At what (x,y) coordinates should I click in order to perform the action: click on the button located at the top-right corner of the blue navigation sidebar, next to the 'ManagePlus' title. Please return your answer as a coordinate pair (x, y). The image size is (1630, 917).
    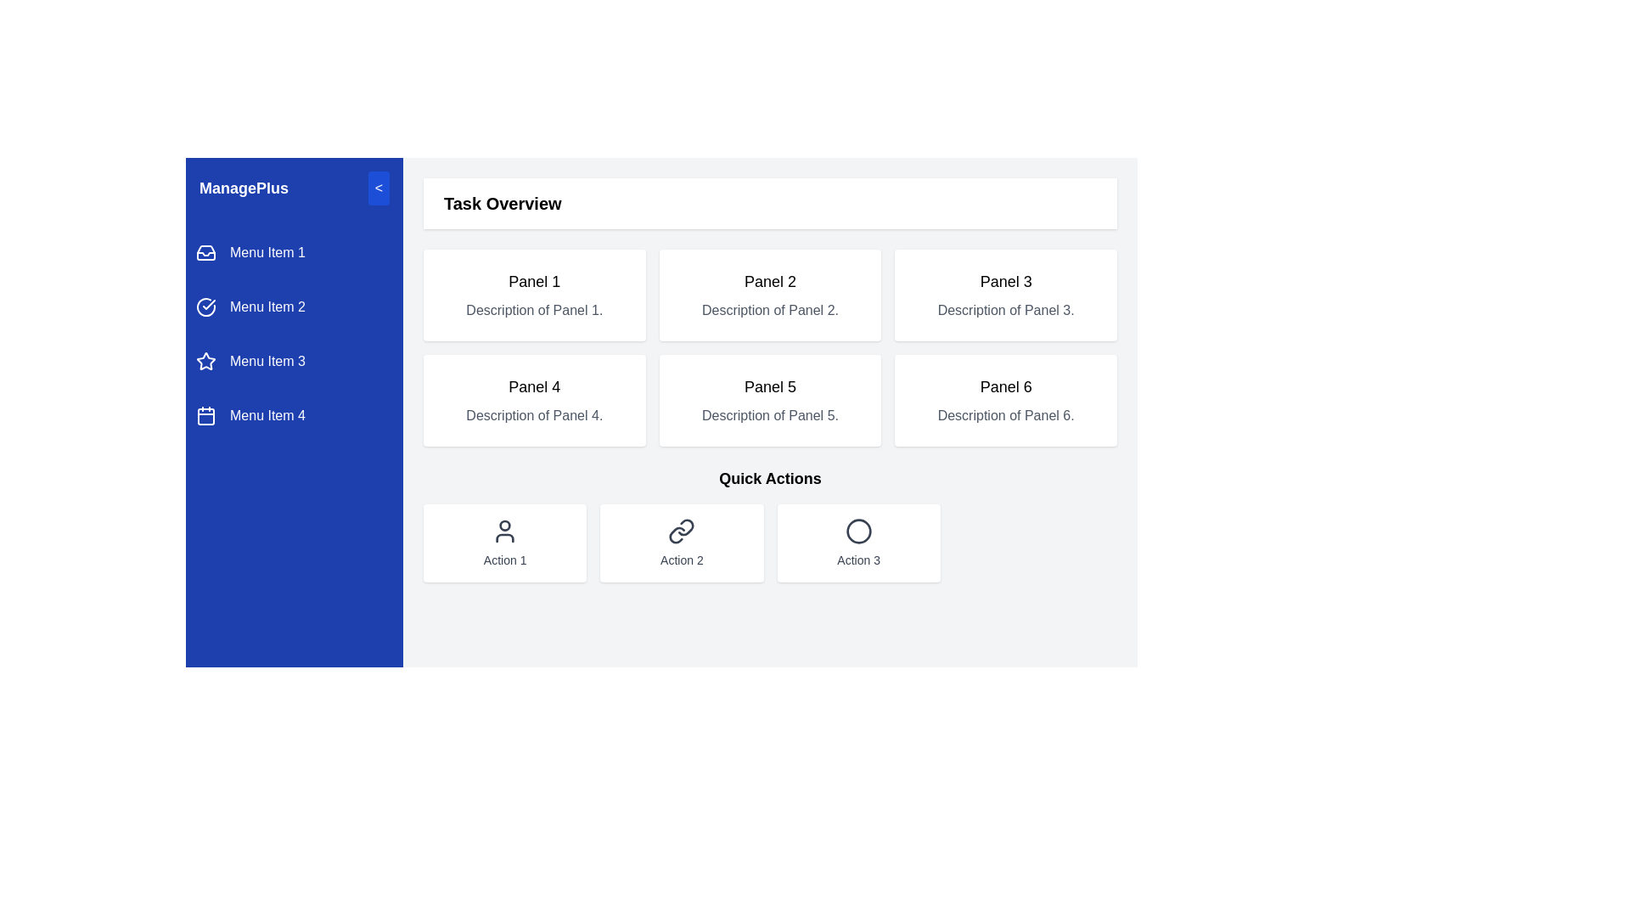
    Looking at the image, I should click on (378, 188).